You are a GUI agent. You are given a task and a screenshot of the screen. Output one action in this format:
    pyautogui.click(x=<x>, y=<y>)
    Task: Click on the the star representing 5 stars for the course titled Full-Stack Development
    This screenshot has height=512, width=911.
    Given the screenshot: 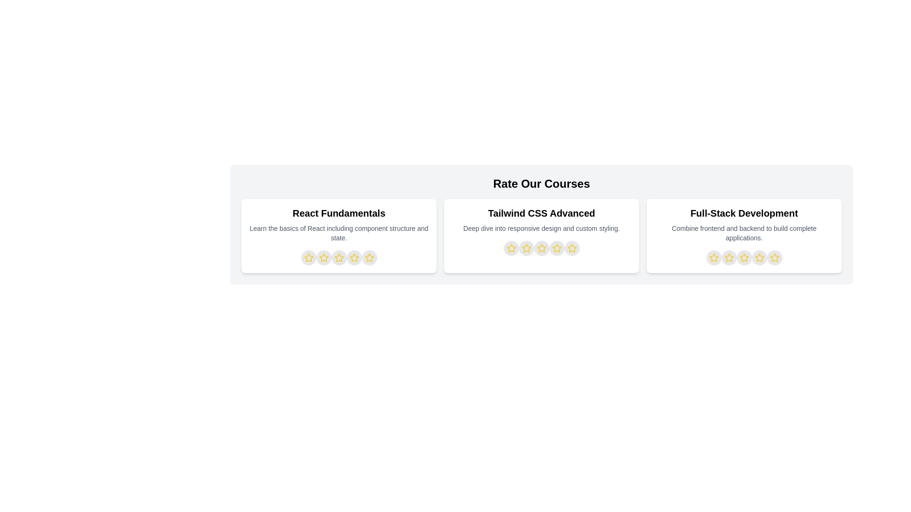 What is the action you would take?
    pyautogui.click(x=774, y=257)
    